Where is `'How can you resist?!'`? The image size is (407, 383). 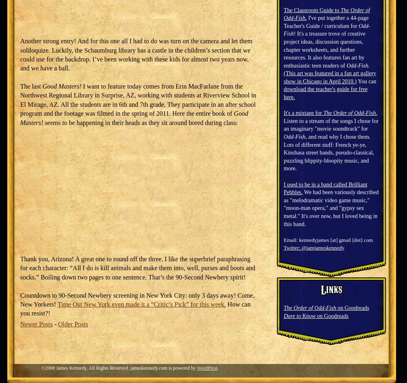 'How can you resist?!' is located at coordinates (135, 308).